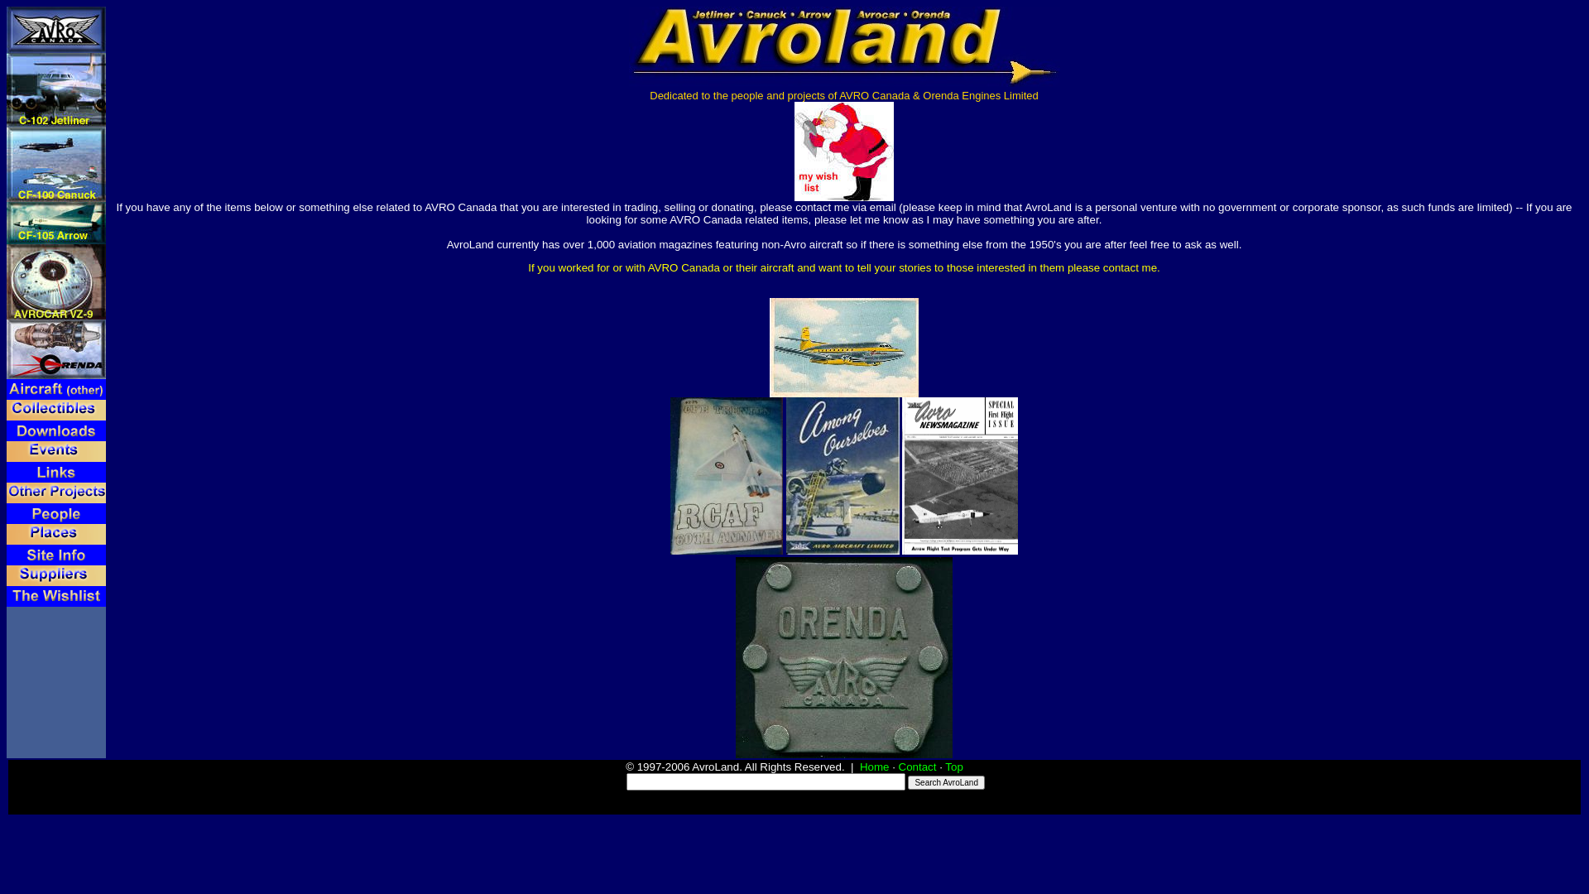 The height and width of the screenshot is (894, 1589). What do you see at coordinates (873, 767) in the screenshot?
I see `'Home'` at bounding box center [873, 767].